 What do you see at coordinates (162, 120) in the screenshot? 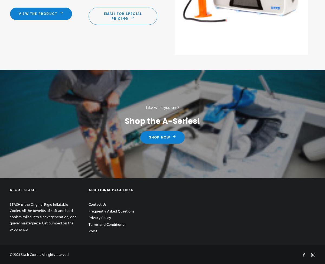
I see `'Shop the A-Series!'` at bounding box center [162, 120].